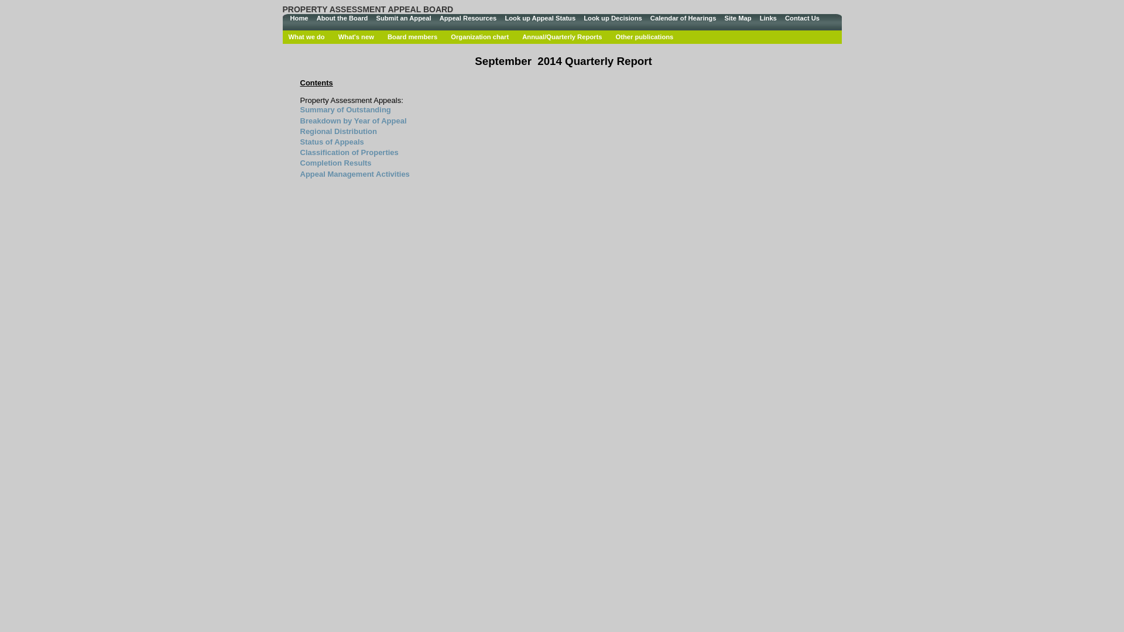 This screenshot has height=632, width=1124. I want to click on 'Submit an Appeal', so click(403, 18).